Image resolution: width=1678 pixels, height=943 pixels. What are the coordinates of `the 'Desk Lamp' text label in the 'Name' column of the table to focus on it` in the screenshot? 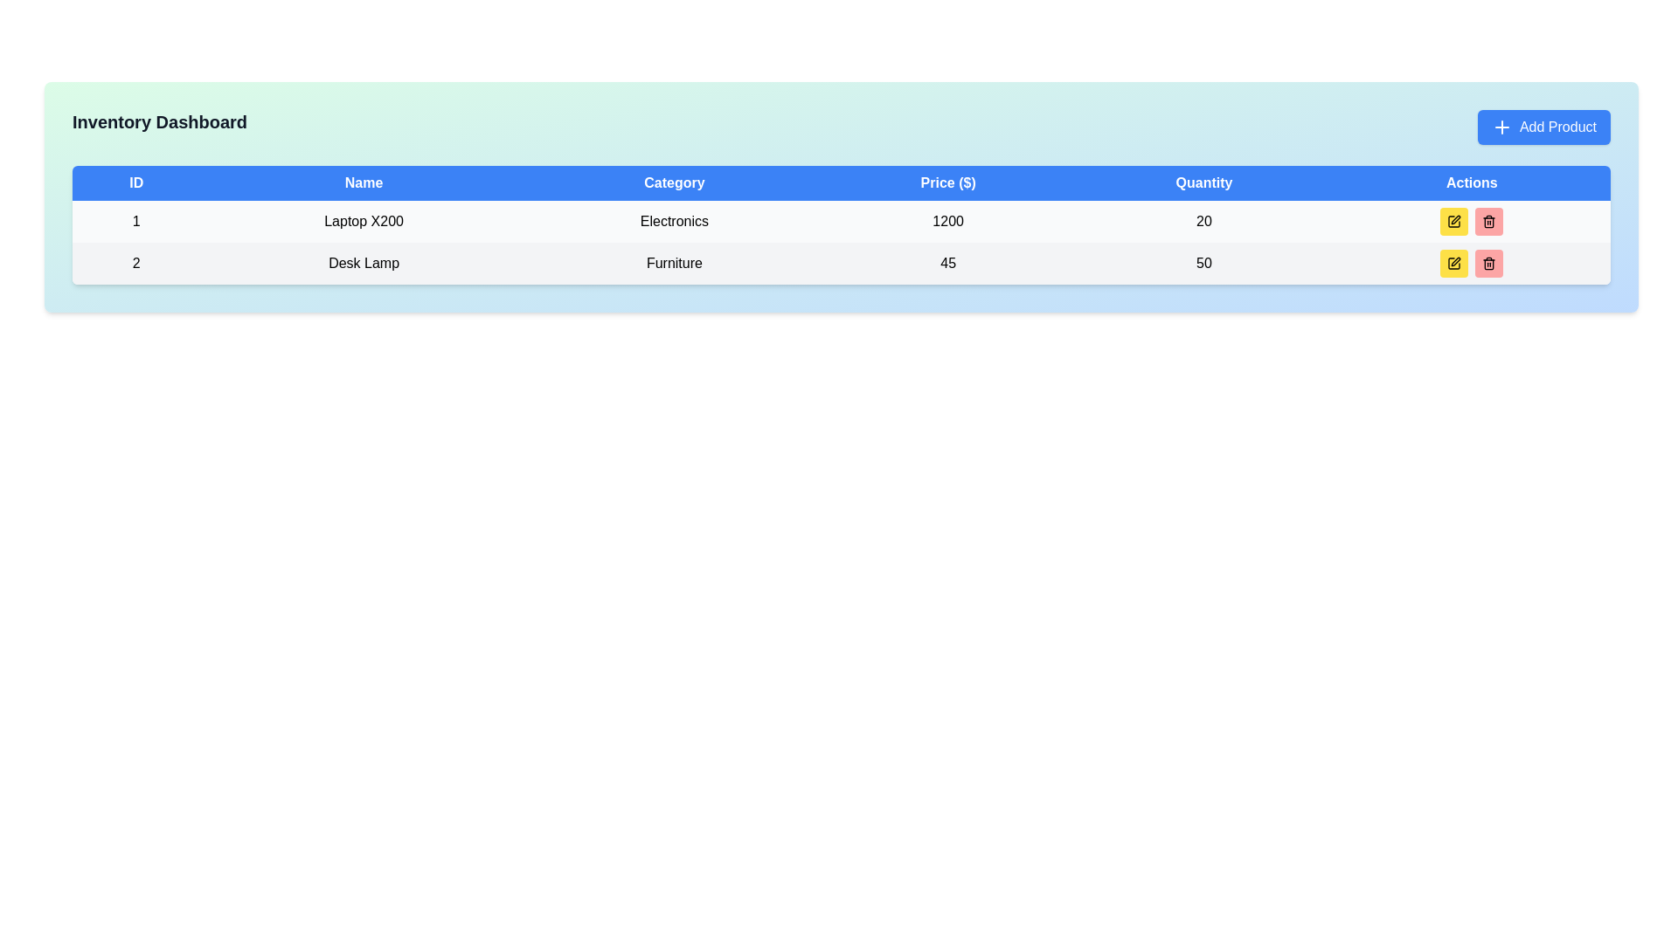 It's located at (363, 263).